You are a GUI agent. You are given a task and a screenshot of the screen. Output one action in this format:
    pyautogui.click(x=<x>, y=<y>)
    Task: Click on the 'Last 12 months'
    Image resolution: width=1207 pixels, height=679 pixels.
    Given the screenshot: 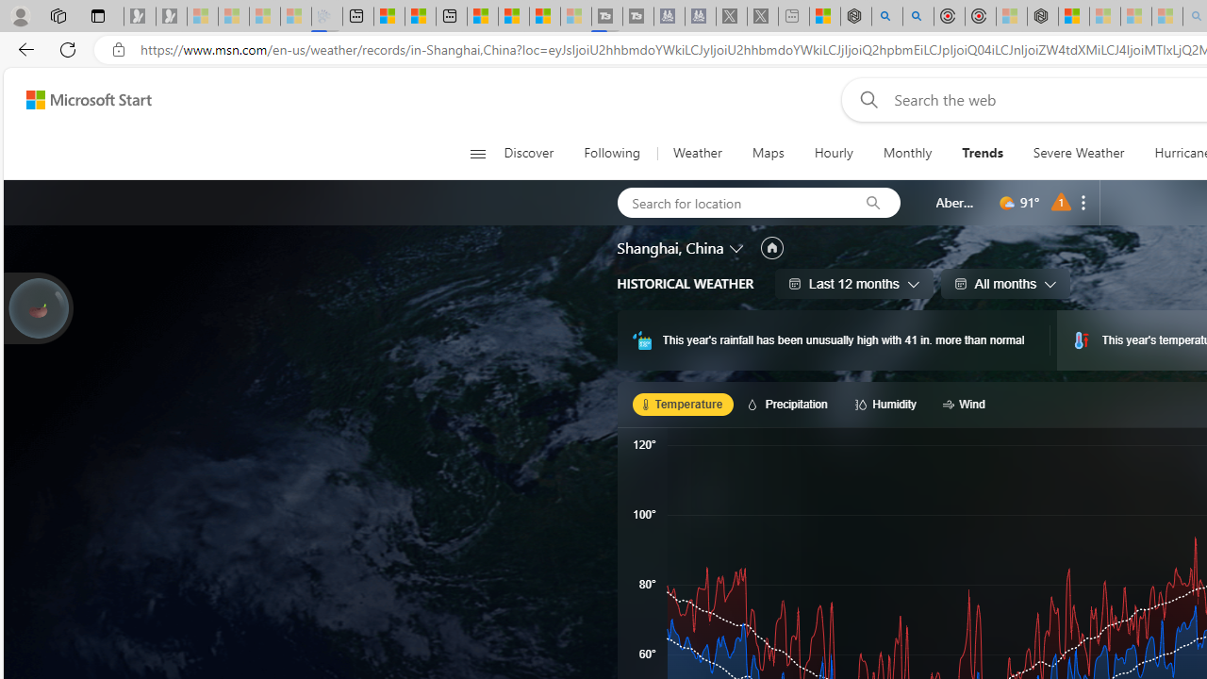 What is the action you would take?
    pyautogui.click(x=853, y=283)
    